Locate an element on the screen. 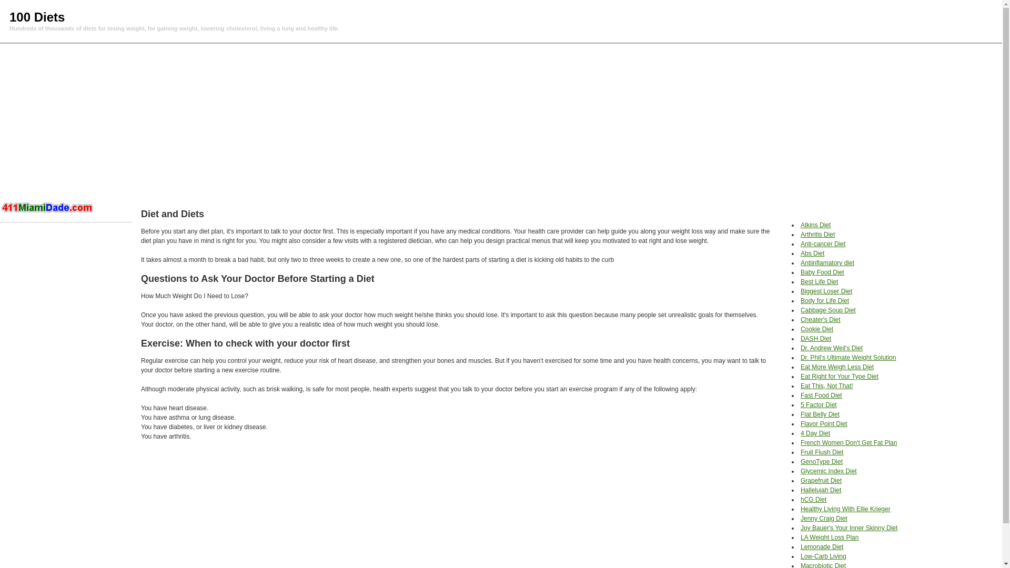 The width and height of the screenshot is (1010, 568). 'Eat This, Not That!' is located at coordinates (826, 386).